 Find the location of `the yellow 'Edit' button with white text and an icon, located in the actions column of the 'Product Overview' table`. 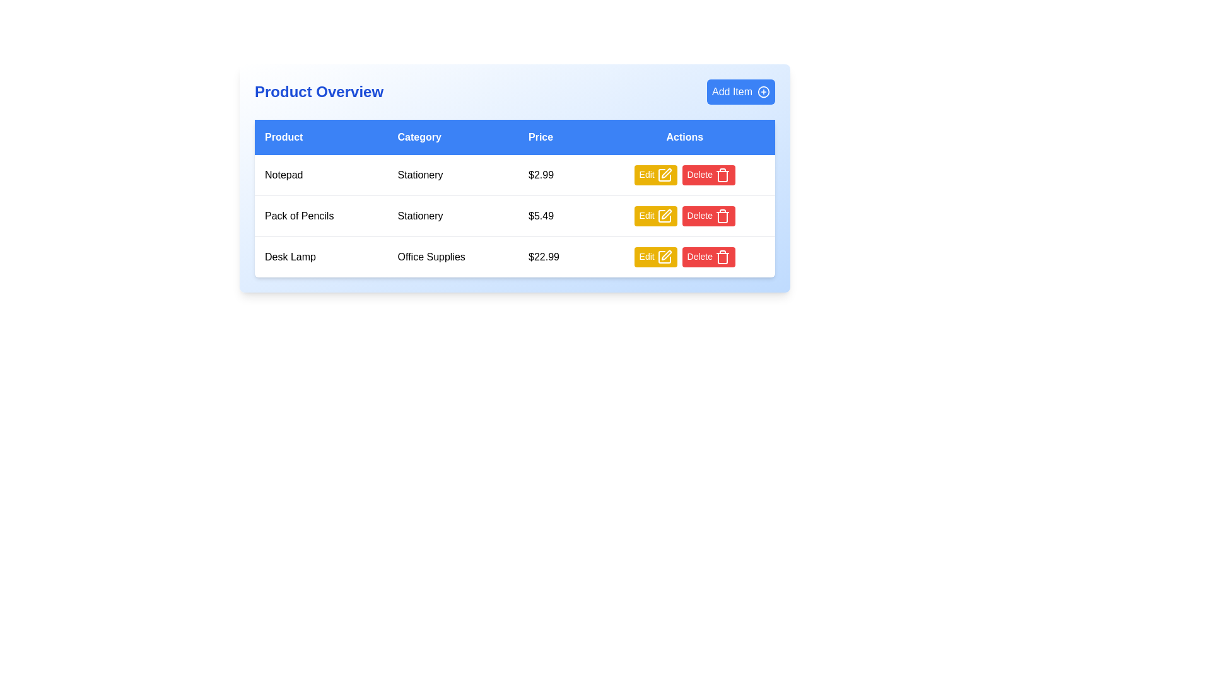

the yellow 'Edit' button with white text and an icon, located in the actions column of the 'Product Overview' table is located at coordinates (655, 257).